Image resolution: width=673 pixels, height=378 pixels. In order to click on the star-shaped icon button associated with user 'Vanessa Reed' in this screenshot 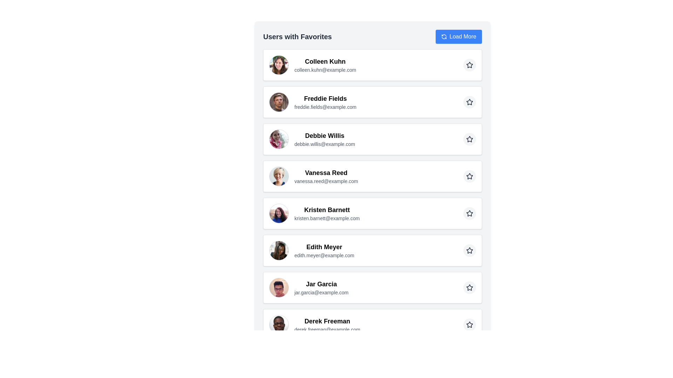, I will do `click(469, 176)`.